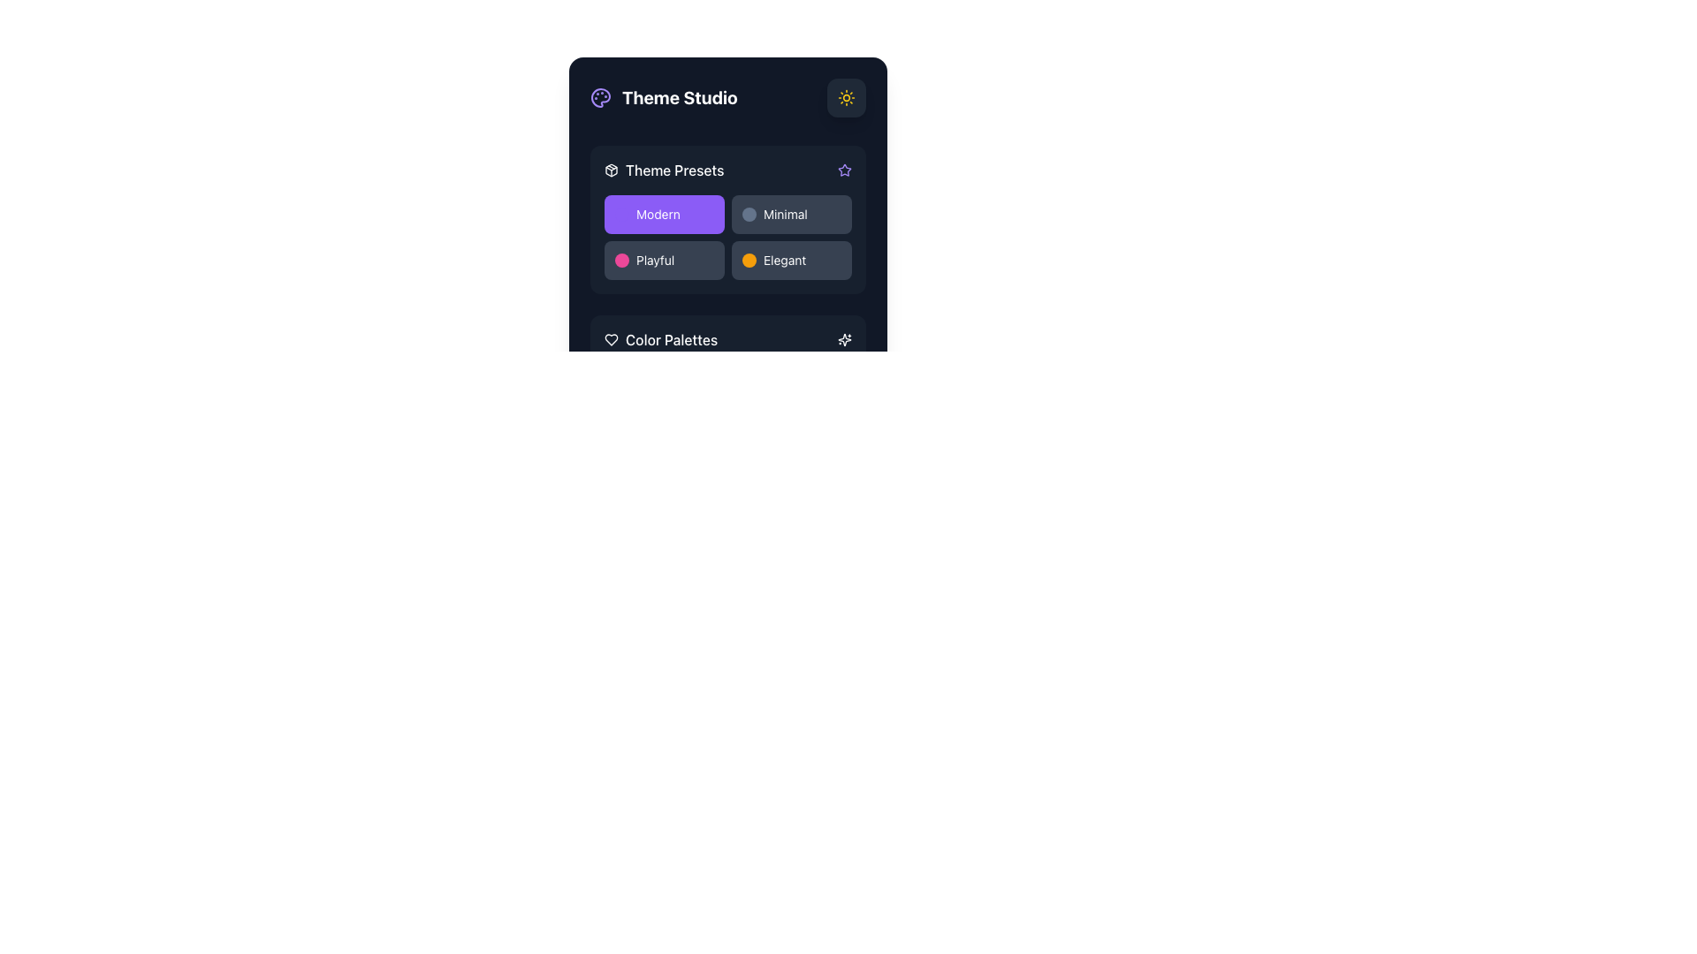 This screenshot has height=954, width=1697. What do you see at coordinates (843, 170) in the screenshot?
I see `the visual indicator icon located at the top-right corner of the Theme Presets section` at bounding box center [843, 170].